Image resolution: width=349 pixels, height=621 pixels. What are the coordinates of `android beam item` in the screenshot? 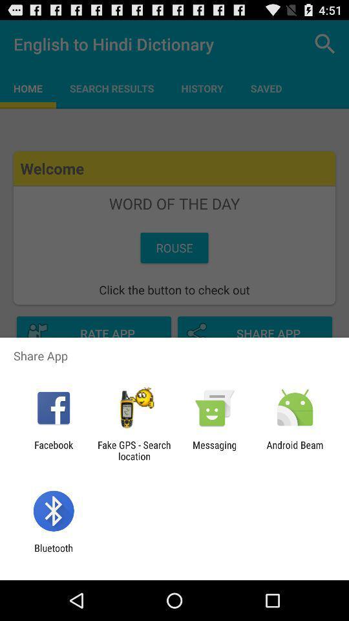 It's located at (295, 450).